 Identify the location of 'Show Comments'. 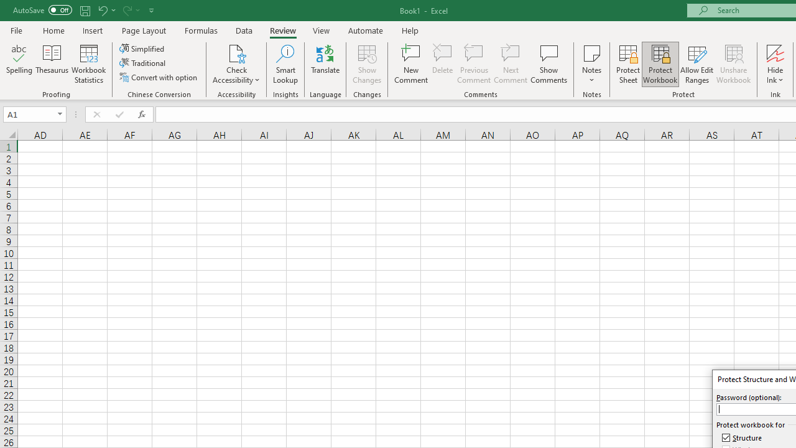
(548, 64).